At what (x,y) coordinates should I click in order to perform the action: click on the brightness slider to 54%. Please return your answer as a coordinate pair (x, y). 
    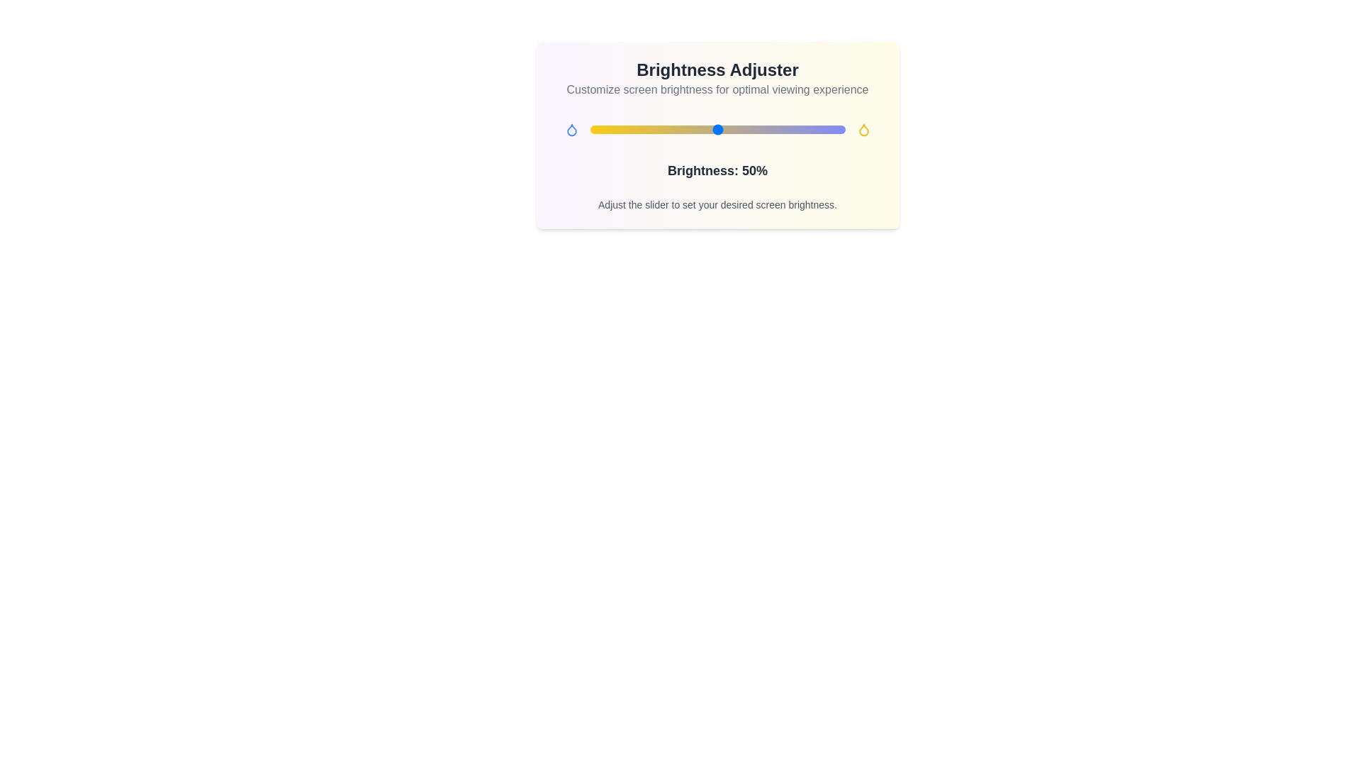
    Looking at the image, I should click on (727, 129).